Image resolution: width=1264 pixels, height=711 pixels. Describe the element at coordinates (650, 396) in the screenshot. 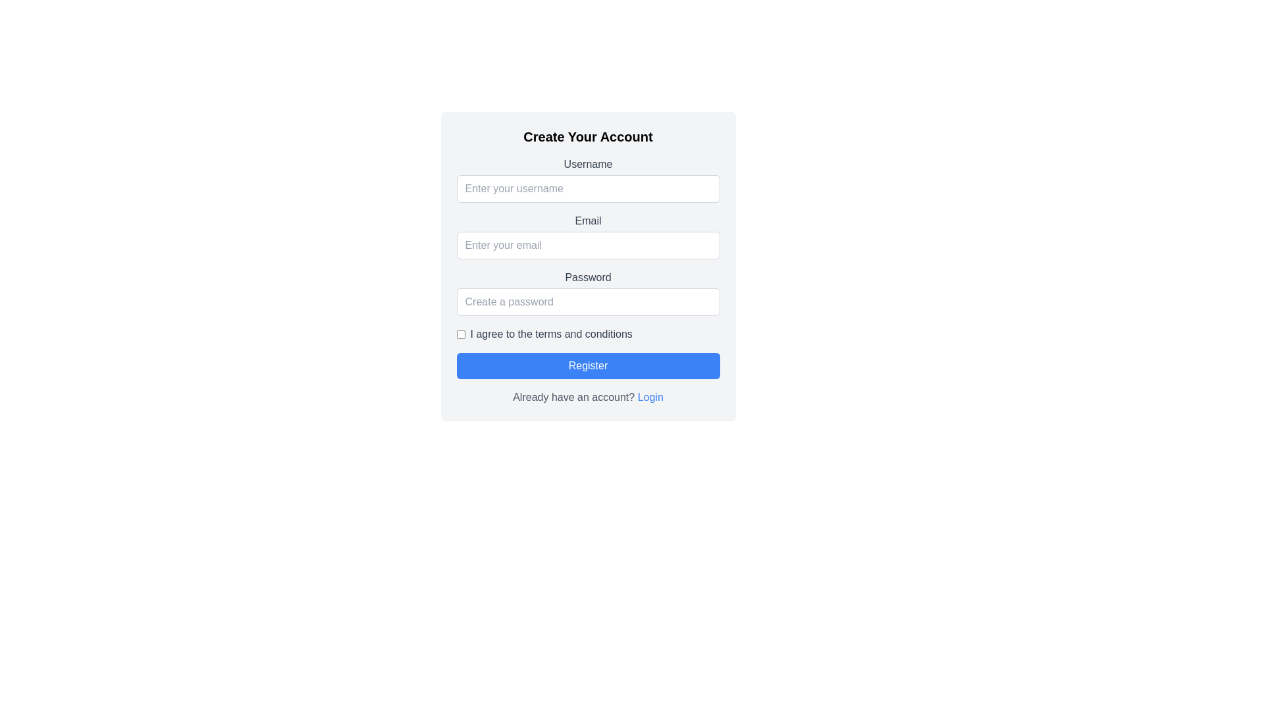

I see `the hyperlink that navigates to the login page, positioned at the end of the sentence 'Already have an account?'` at that location.